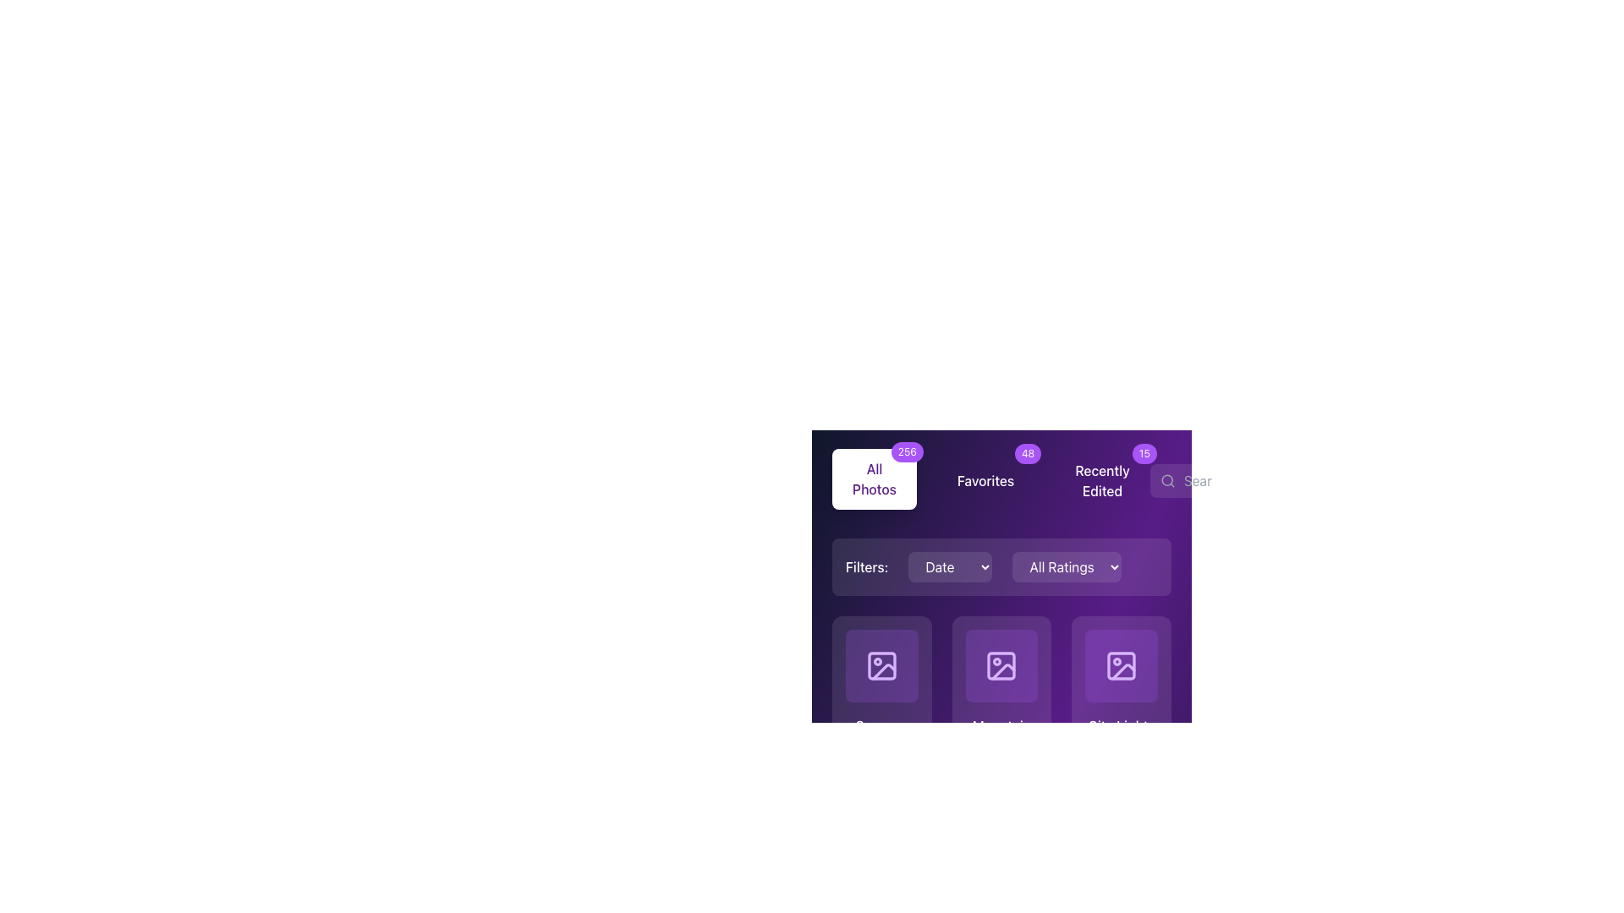 This screenshot has width=1624, height=913. What do you see at coordinates (985, 481) in the screenshot?
I see `the badge on the Favorites button in the horizontal navigation menu` at bounding box center [985, 481].